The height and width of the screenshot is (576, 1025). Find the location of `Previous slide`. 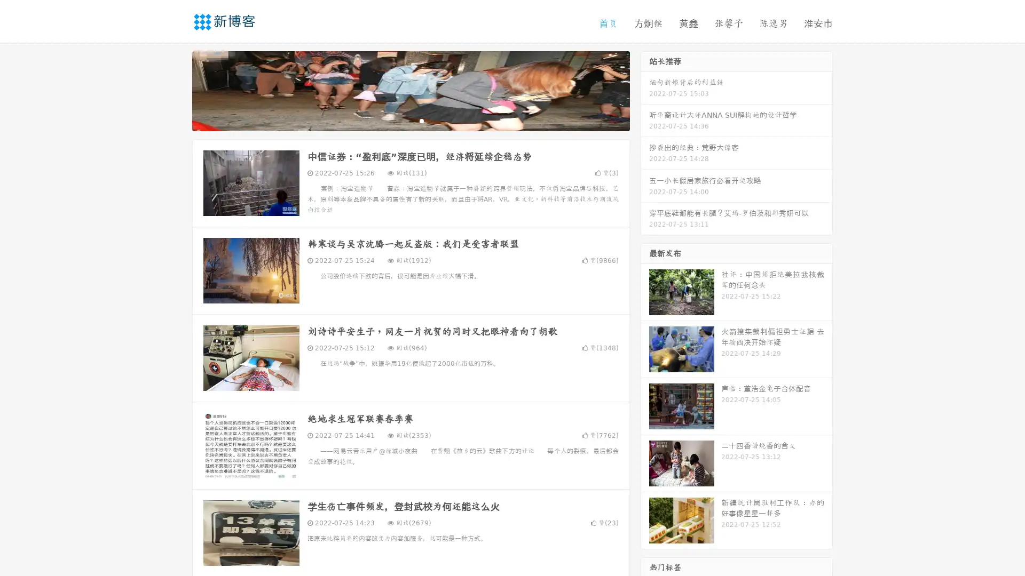

Previous slide is located at coordinates (176, 90).